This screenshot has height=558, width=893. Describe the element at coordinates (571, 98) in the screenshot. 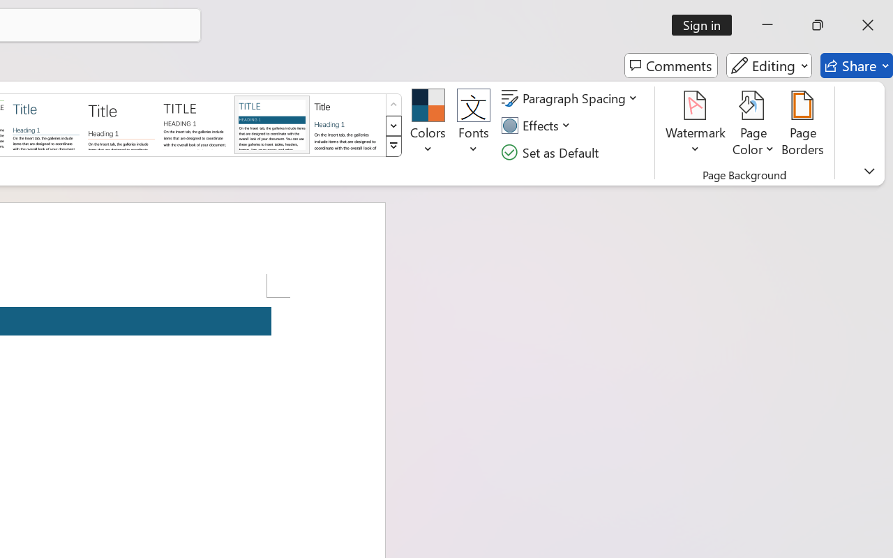

I see `'Paragraph Spacing'` at that location.